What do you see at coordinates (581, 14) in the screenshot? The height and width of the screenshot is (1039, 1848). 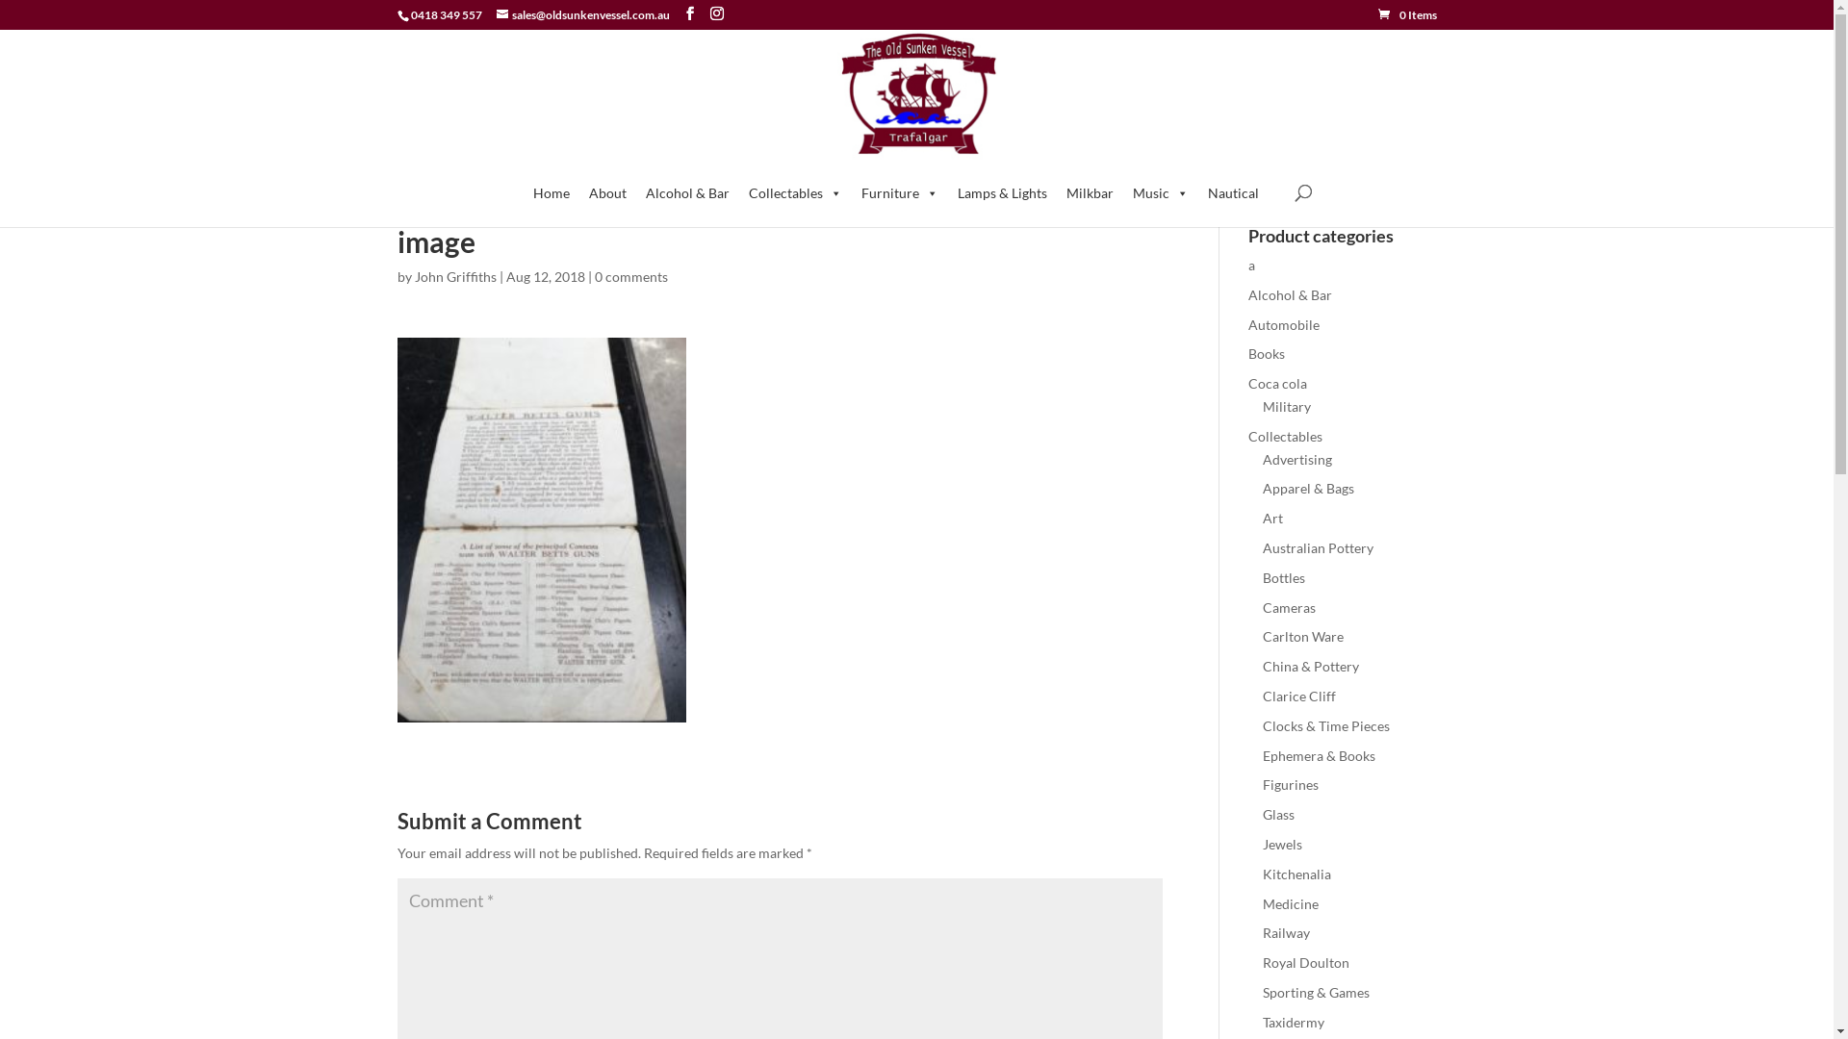 I see `'sales@oldsunkenvessel.com.au'` at bounding box center [581, 14].